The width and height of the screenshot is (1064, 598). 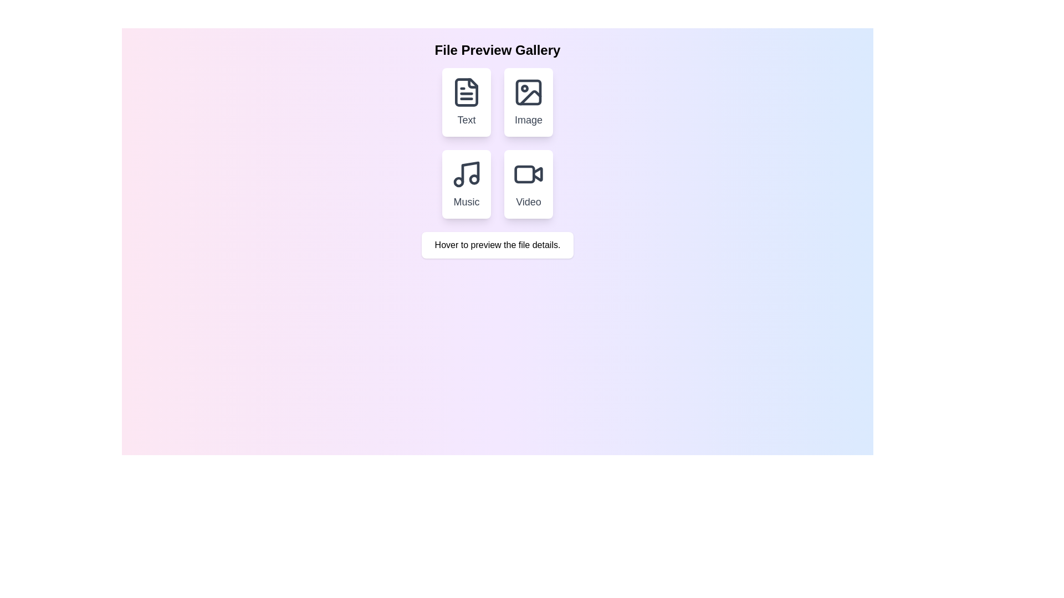 I want to click on the graphical representation of the video camera icon, located at the bottom-right of the grid layout containing the preview options, so click(x=524, y=174).